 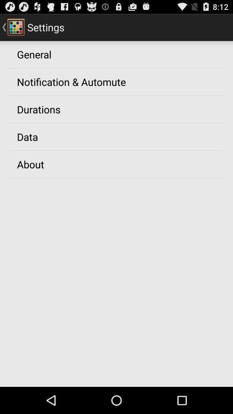 What do you see at coordinates (27, 137) in the screenshot?
I see `app above about item` at bounding box center [27, 137].